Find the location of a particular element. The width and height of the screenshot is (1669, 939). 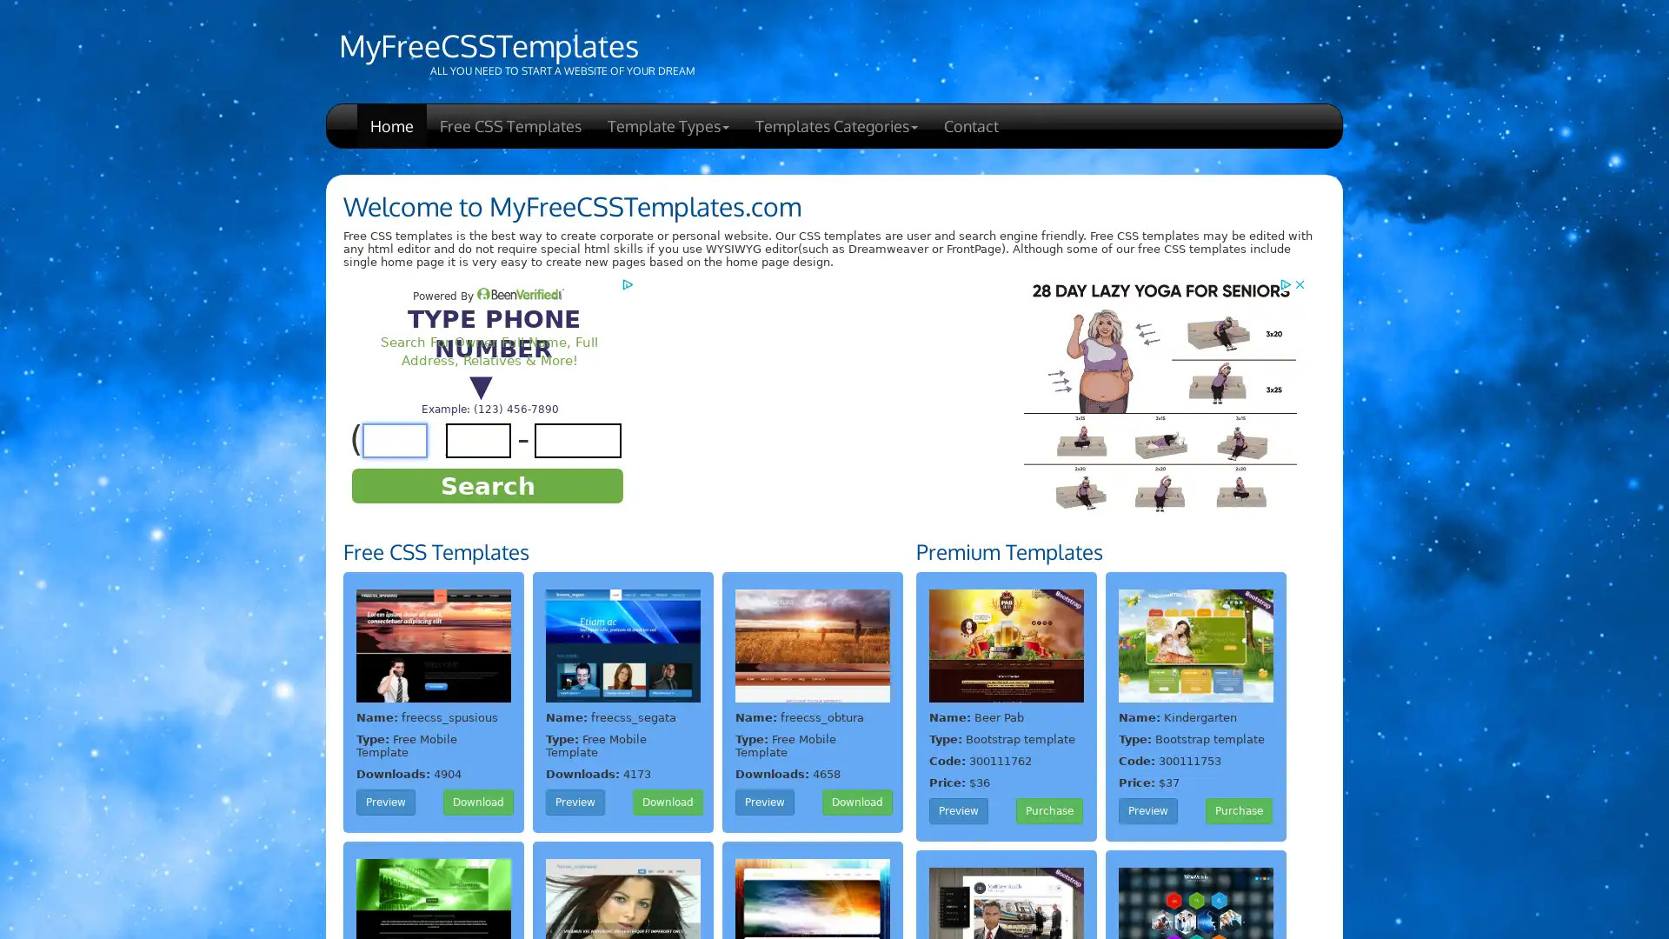

Download is located at coordinates (667, 802).